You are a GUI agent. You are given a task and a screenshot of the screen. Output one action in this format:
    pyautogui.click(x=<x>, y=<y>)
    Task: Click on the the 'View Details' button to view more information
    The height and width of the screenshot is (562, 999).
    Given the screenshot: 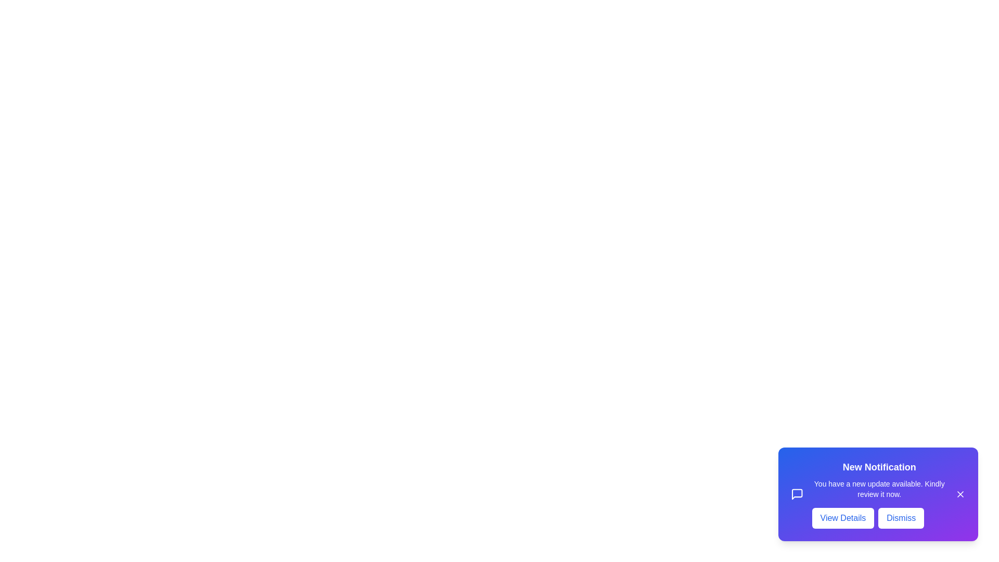 What is the action you would take?
    pyautogui.click(x=843, y=518)
    